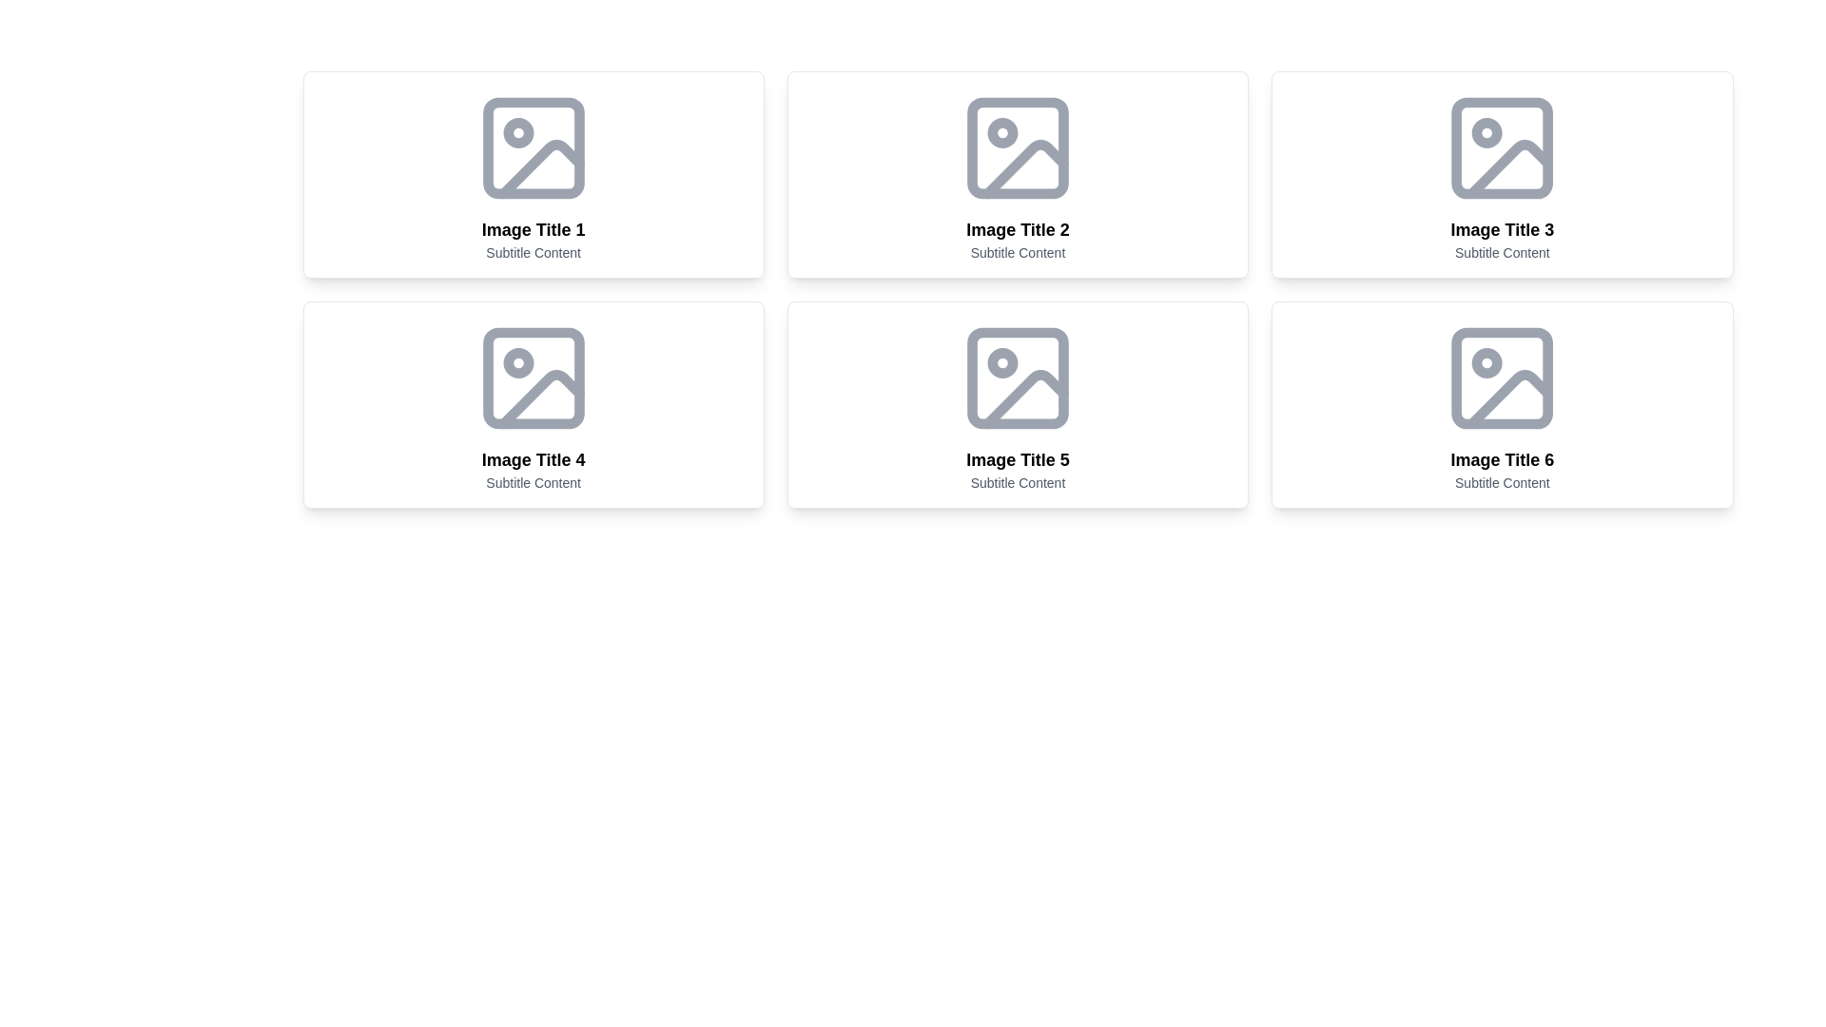  What do you see at coordinates (533, 378) in the screenshot?
I see `the SVG rectangle shape with rounded corners located in the 'Image Title 4' tile, which is in the second row and first column of the grid` at bounding box center [533, 378].